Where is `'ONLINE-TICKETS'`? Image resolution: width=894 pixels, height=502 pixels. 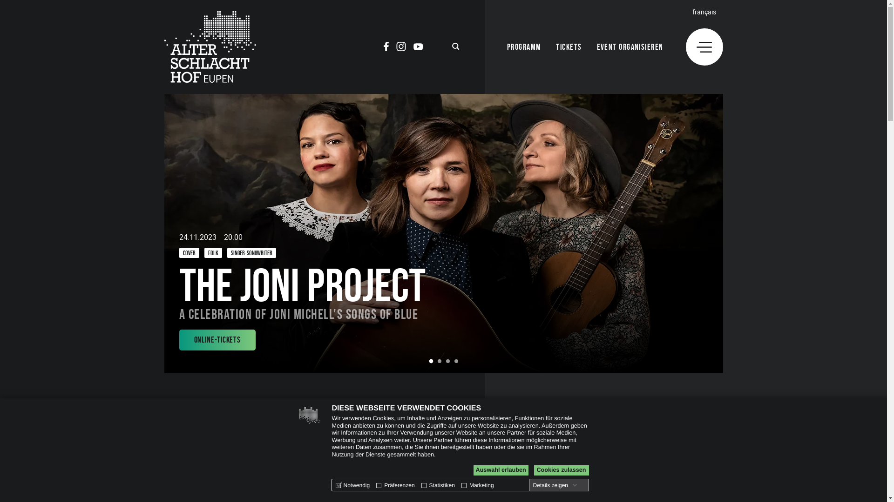 'ONLINE-TICKETS' is located at coordinates (179, 340).